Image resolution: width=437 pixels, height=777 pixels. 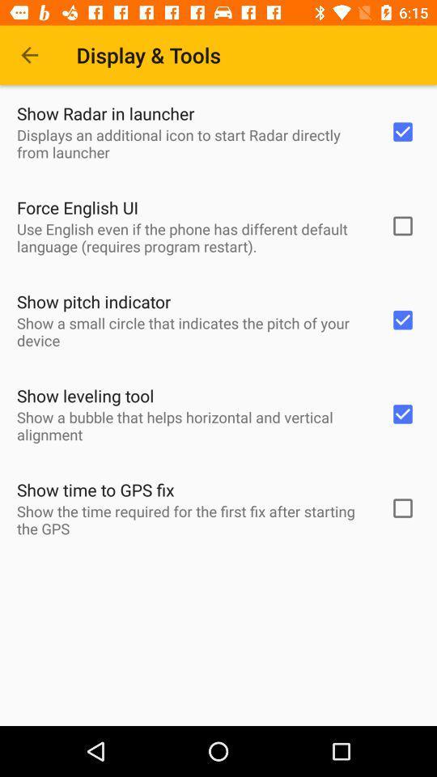 What do you see at coordinates (85, 395) in the screenshot?
I see `icon above the show a bubble item` at bounding box center [85, 395].